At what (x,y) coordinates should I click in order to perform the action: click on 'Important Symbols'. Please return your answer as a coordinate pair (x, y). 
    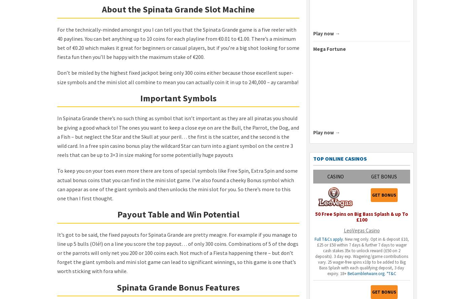
    Looking at the image, I should click on (178, 97).